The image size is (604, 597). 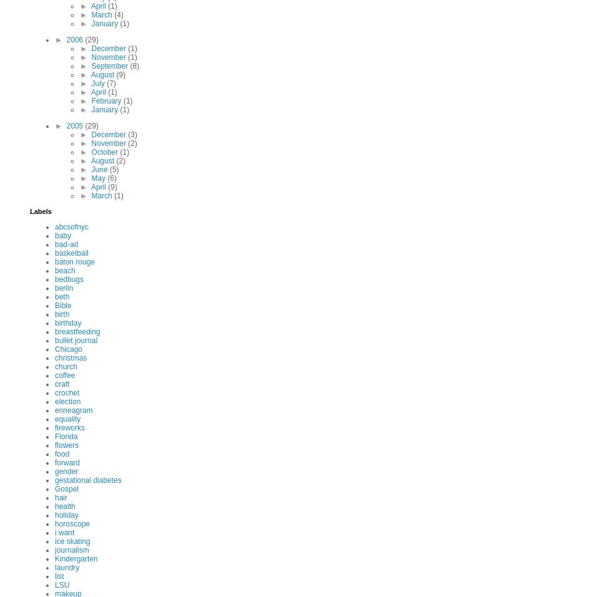 What do you see at coordinates (71, 227) in the screenshot?
I see `'abcsofnyc'` at bounding box center [71, 227].